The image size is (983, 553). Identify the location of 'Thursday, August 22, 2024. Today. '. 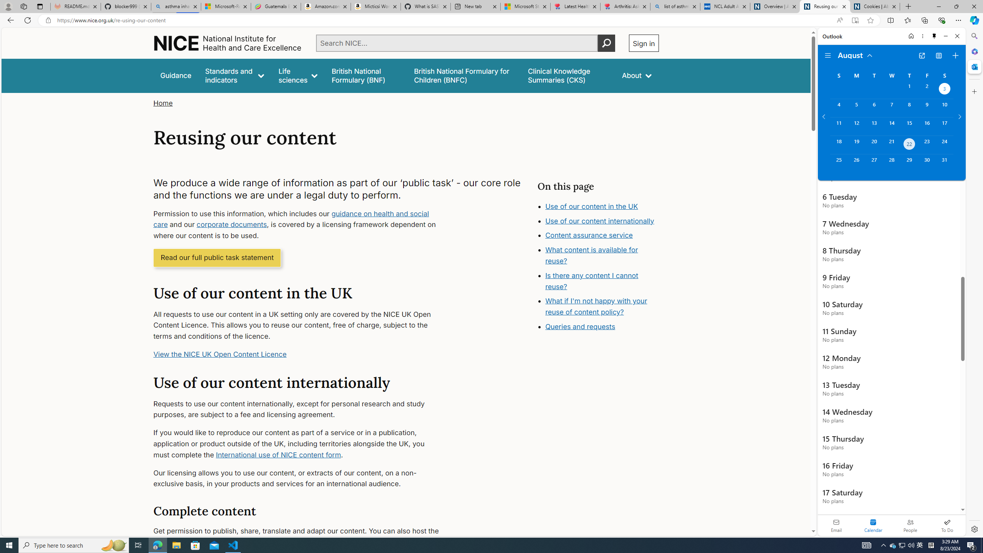
(909, 144).